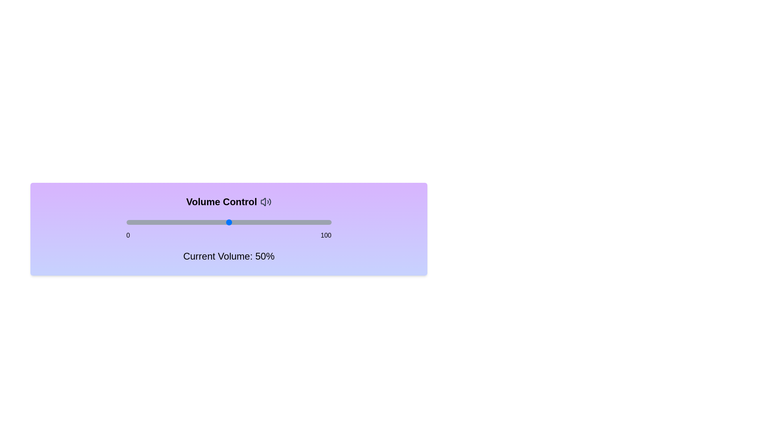  I want to click on the volume to 71% by dragging the slider, so click(272, 222).